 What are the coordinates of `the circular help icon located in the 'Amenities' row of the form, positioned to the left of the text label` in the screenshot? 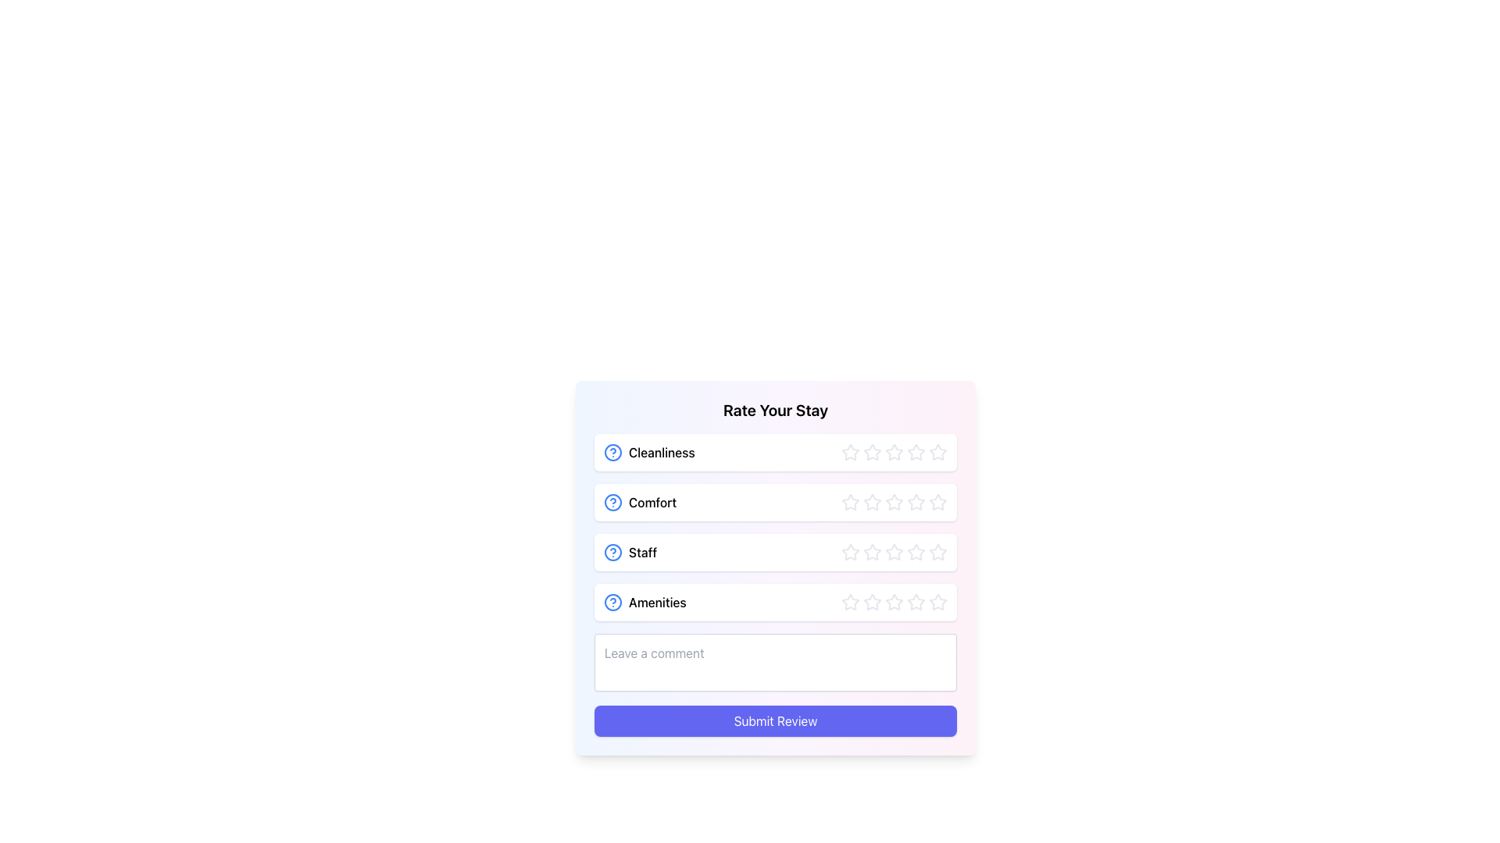 It's located at (612, 601).